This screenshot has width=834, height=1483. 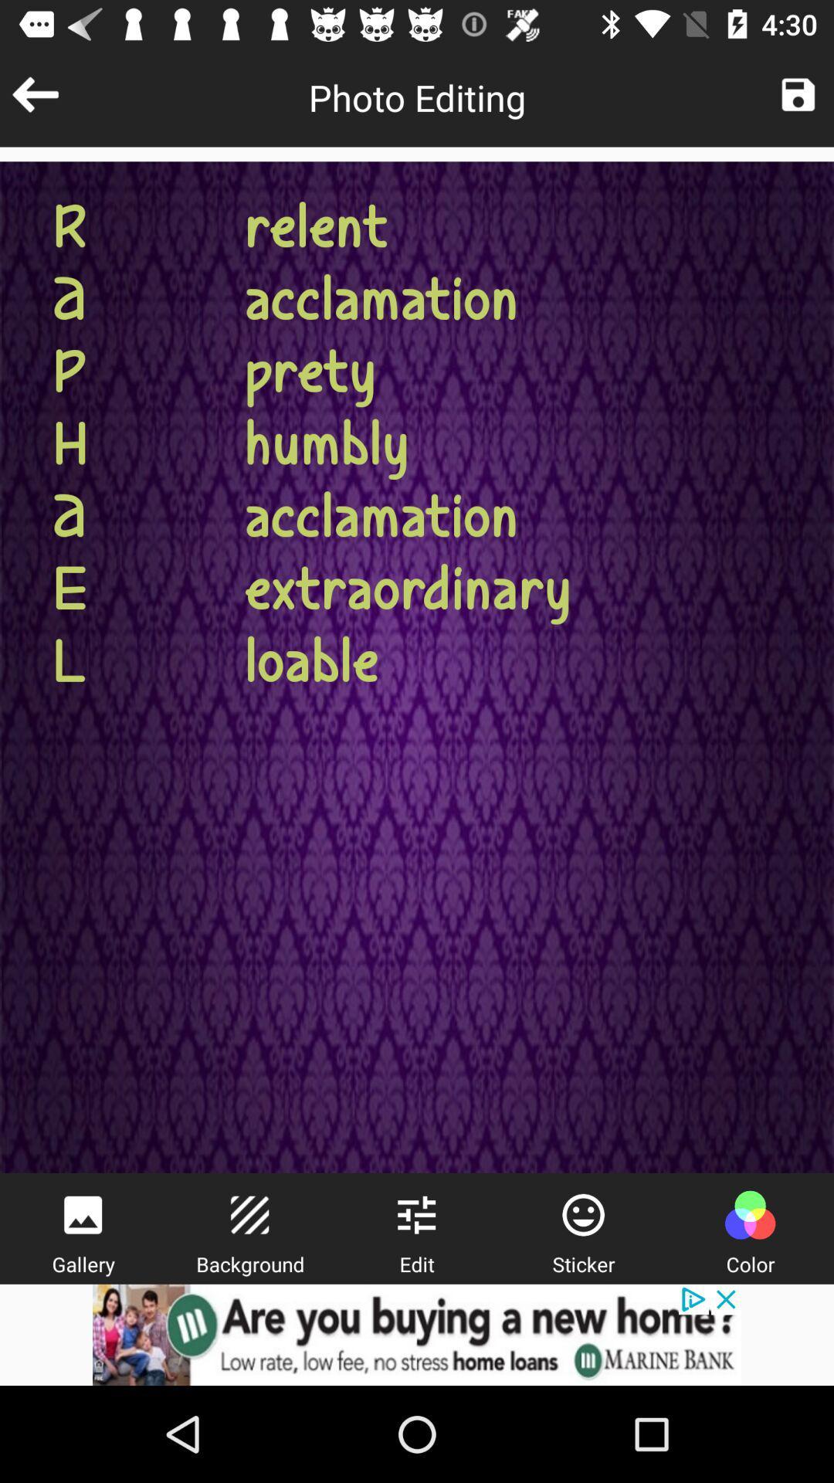 What do you see at coordinates (83, 1214) in the screenshot?
I see `viewer of different photos/images` at bounding box center [83, 1214].